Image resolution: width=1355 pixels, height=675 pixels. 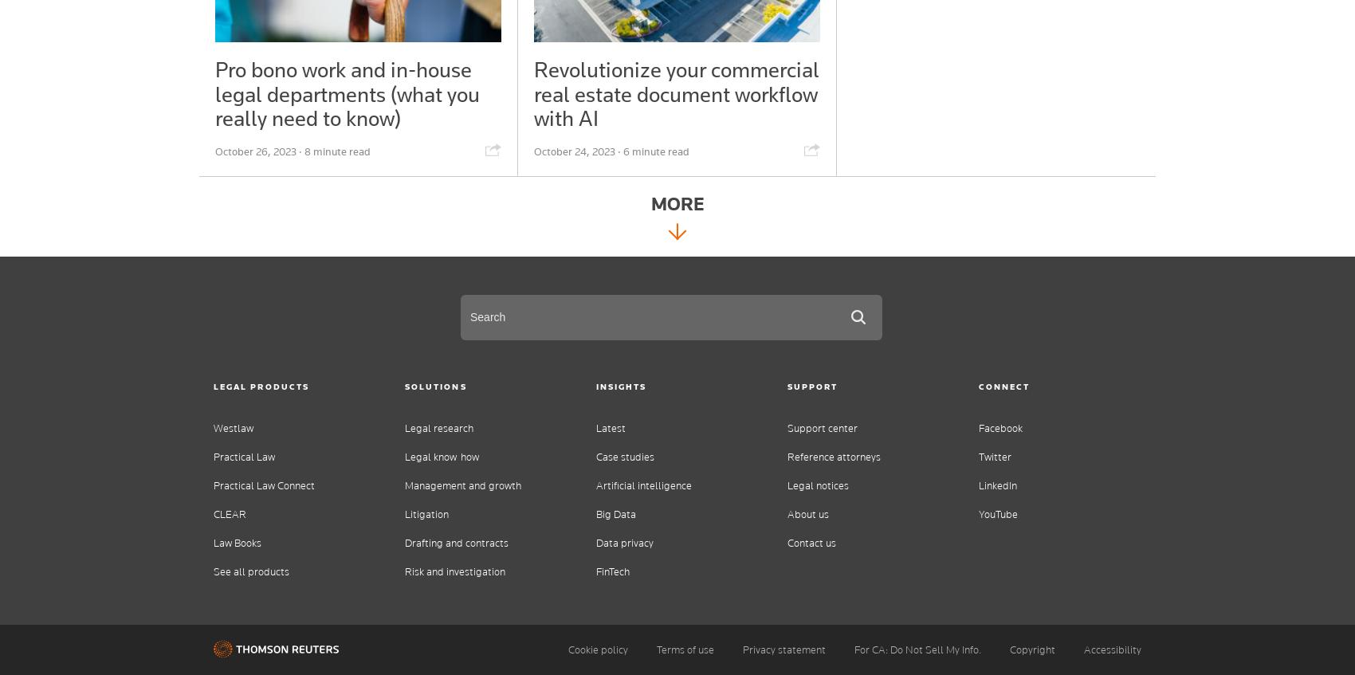 I want to click on 'LinkedIn', so click(x=997, y=485).